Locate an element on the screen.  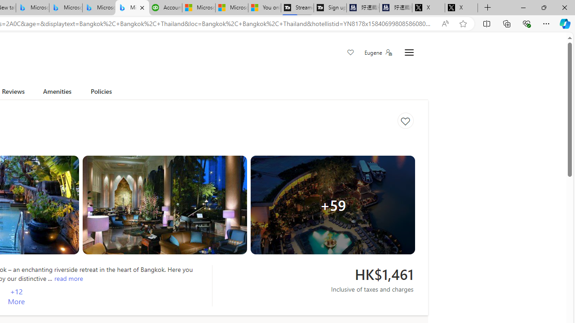
'Eugene' is located at coordinates (378, 52).